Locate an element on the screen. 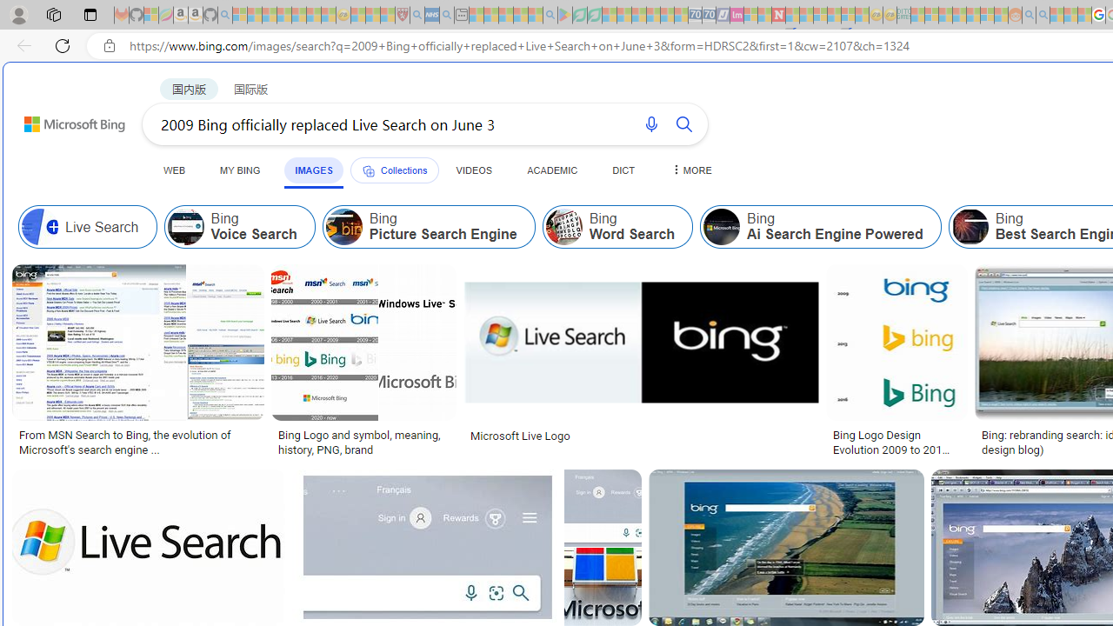  'Local - MSN - Sleeping' is located at coordinates (387, 15).